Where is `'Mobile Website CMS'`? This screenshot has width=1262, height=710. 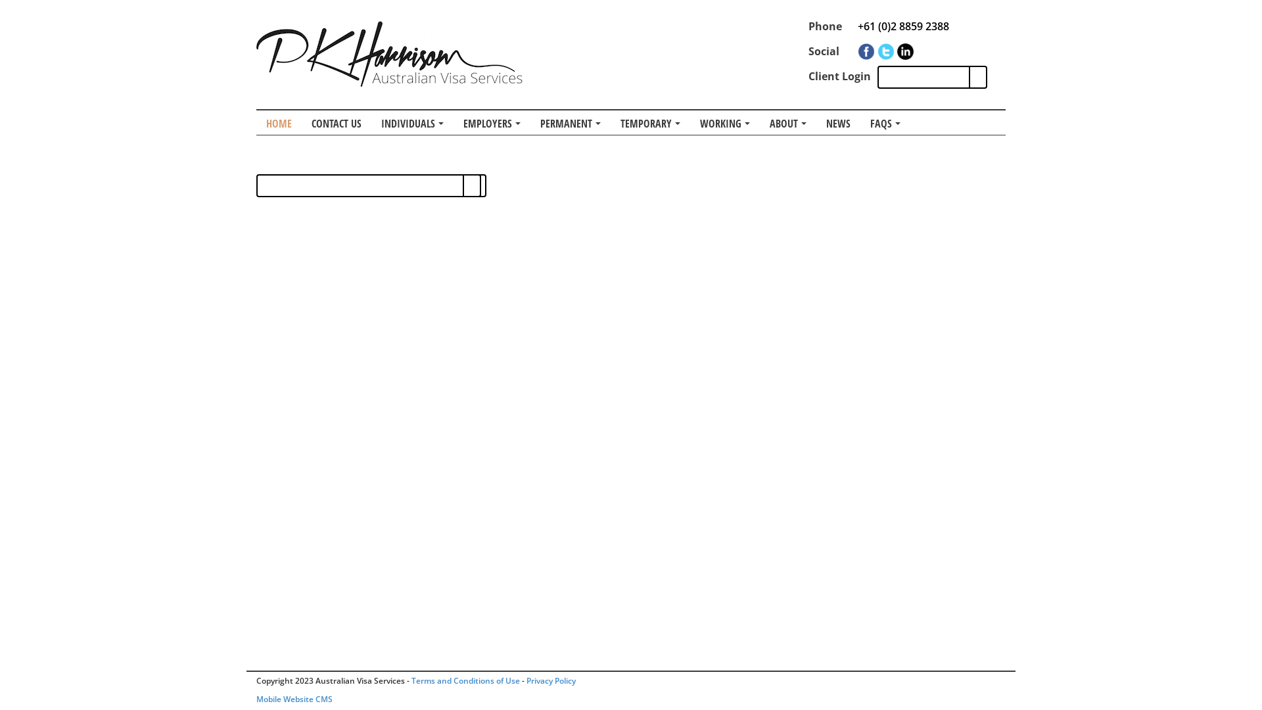
'Mobile Website CMS' is located at coordinates (293, 698).